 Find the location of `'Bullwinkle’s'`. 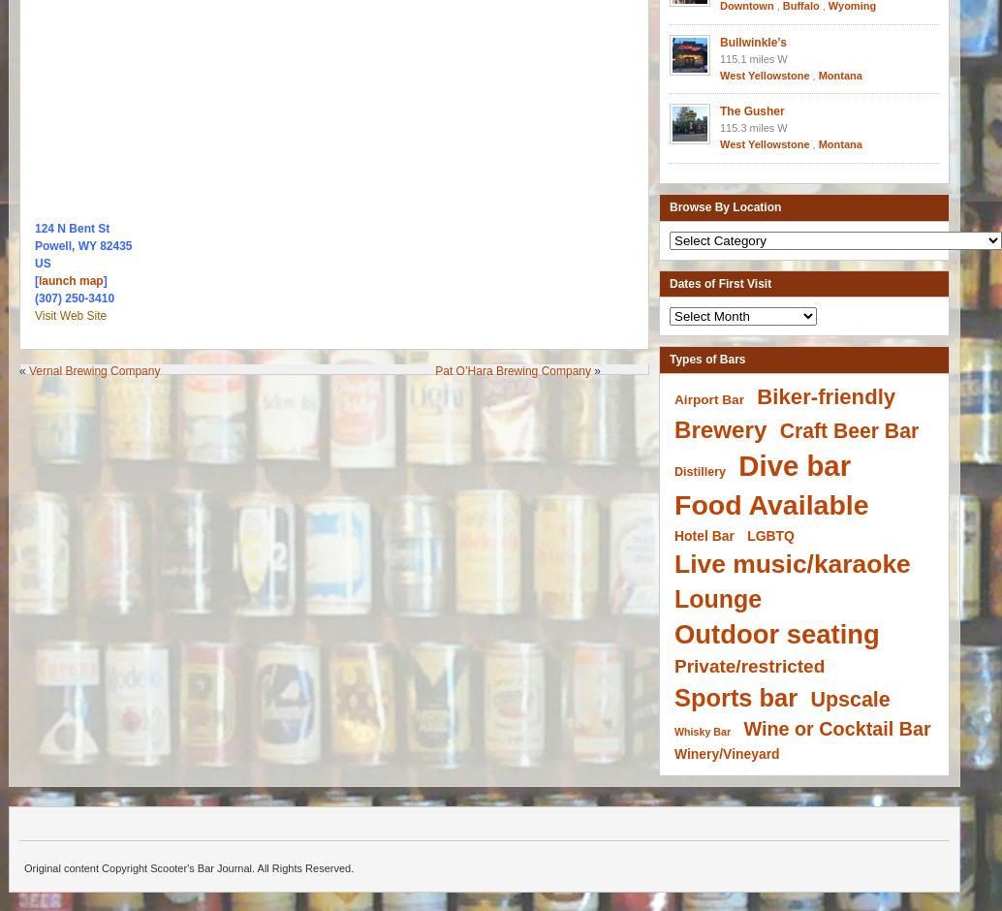

'Bullwinkle’s' is located at coordinates (752, 40).